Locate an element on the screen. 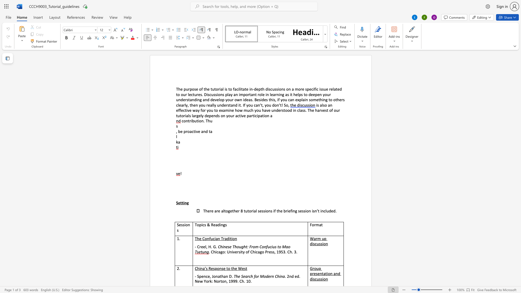 The height and width of the screenshot is (293, 521). the space between the continuous character "s" and "e" in the text is located at coordinates (196, 89).